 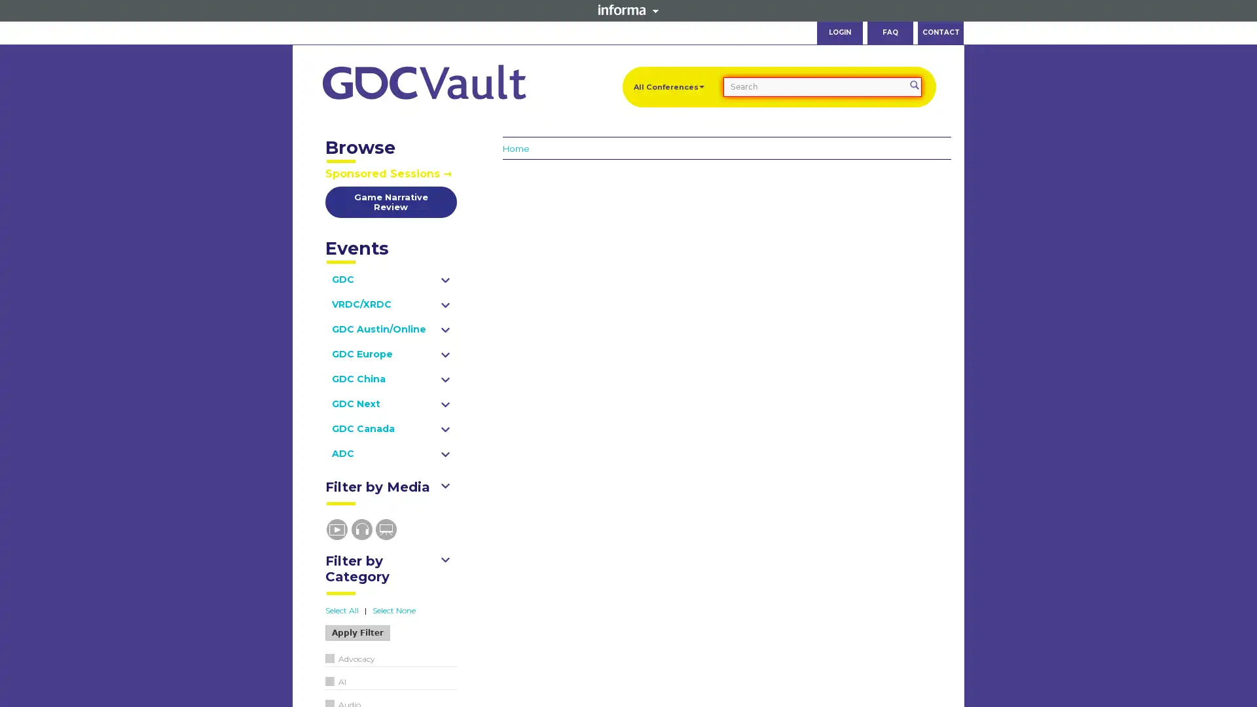 I want to click on Informa, so click(x=628, y=10).